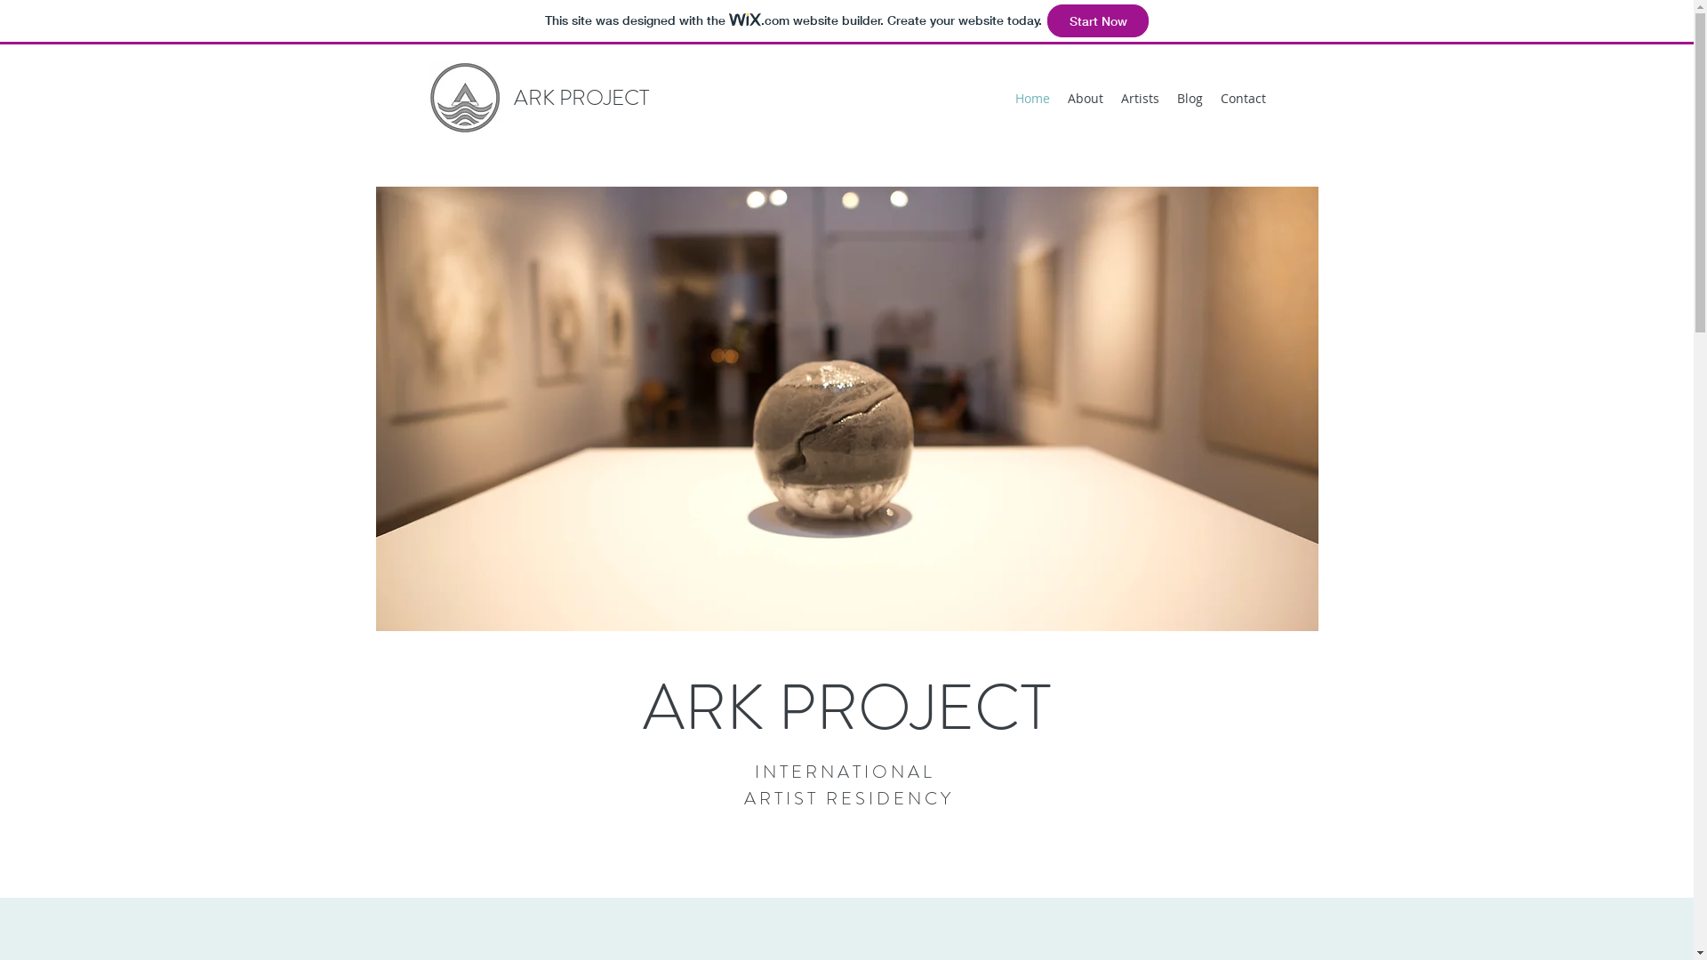  What do you see at coordinates (1241, 99) in the screenshot?
I see `'Contact'` at bounding box center [1241, 99].